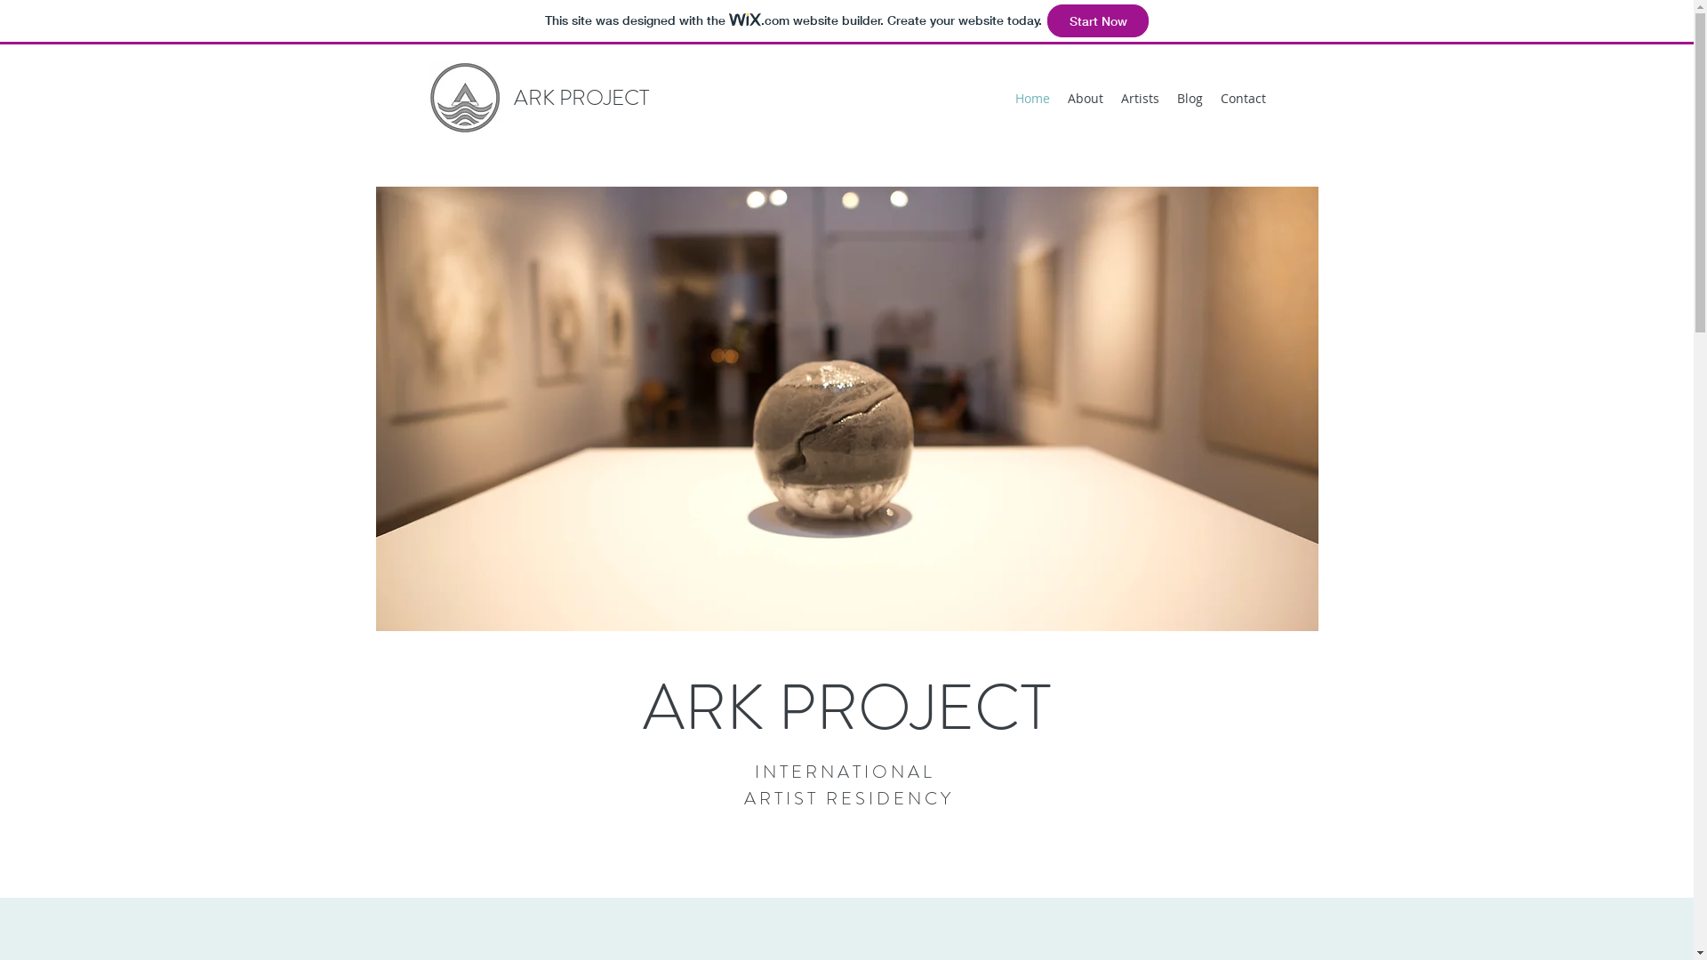  What do you see at coordinates (1241, 99) in the screenshot?
I see `'Contact'` at bounding box center [1241, 99].